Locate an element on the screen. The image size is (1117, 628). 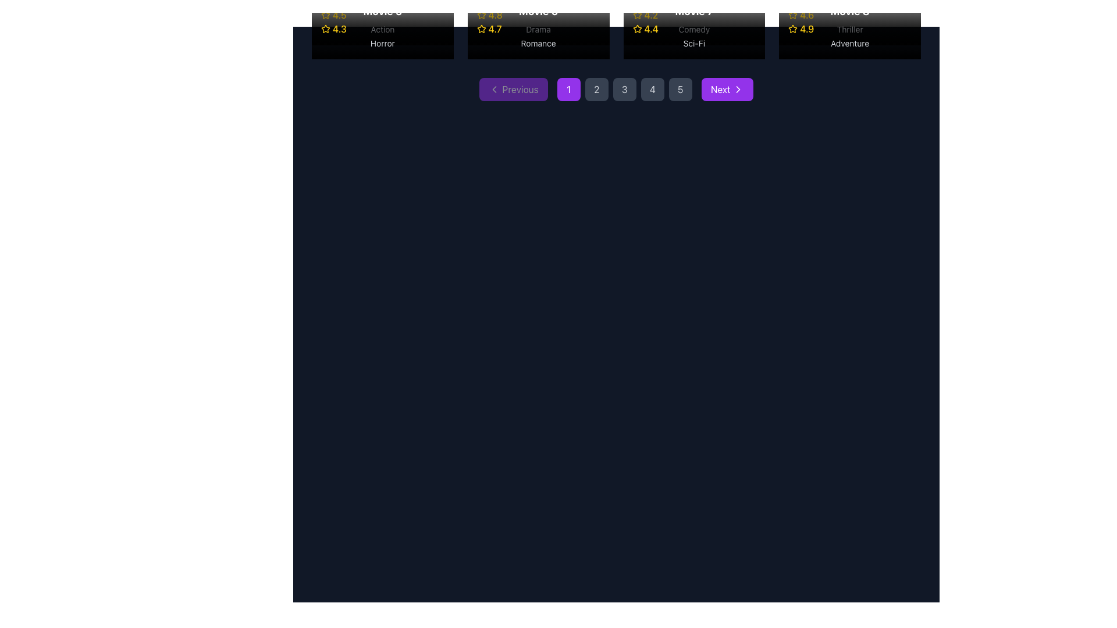
the decorative star icon that indicates a rating of '4.4' for 'Movie 9', which is styled in bold yellow and positioned to the left of the numeric rating is located at coordinates (636, 15).